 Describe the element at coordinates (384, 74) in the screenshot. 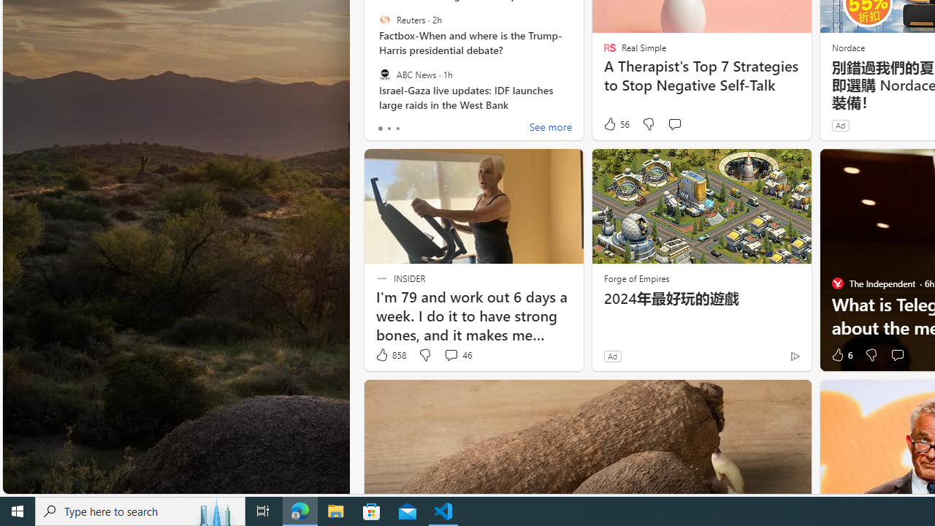

I see `'ABC News'` at that location.